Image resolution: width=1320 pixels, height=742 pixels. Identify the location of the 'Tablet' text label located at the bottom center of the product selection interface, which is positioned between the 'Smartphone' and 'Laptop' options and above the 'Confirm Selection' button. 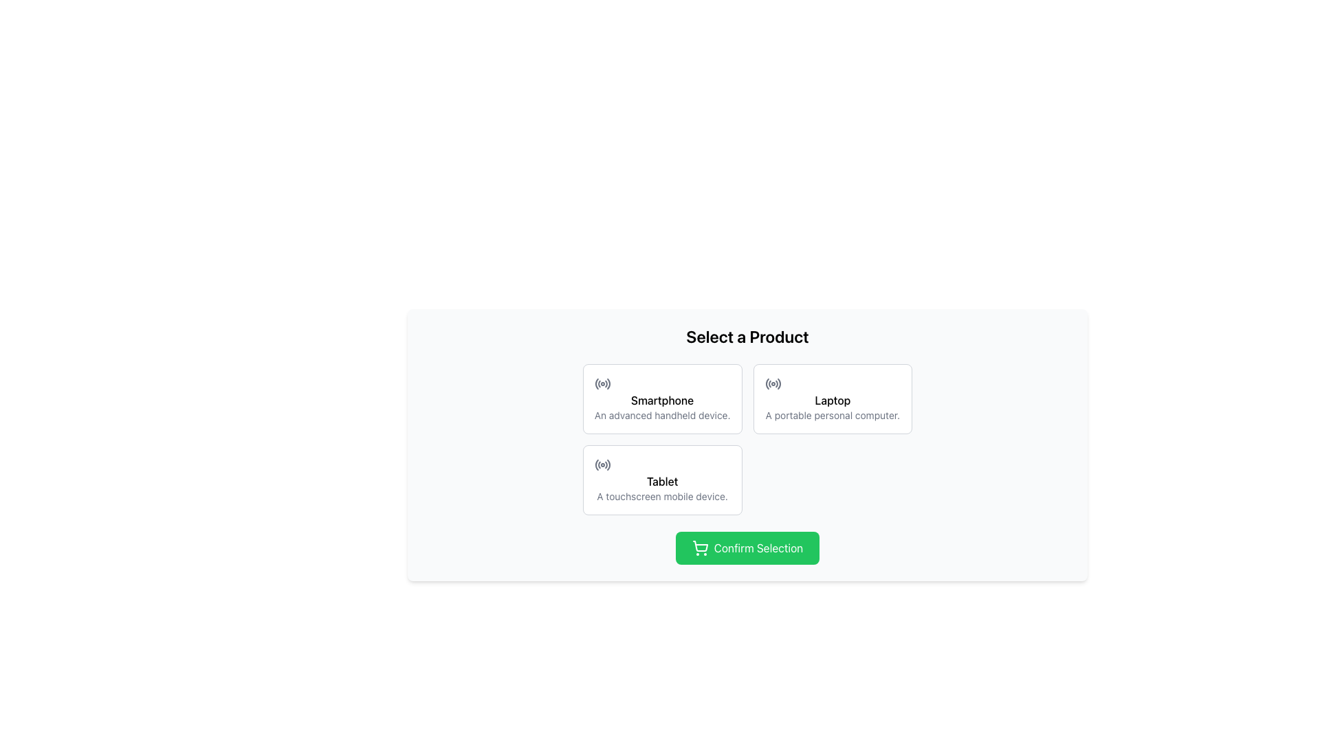
(662, 487).